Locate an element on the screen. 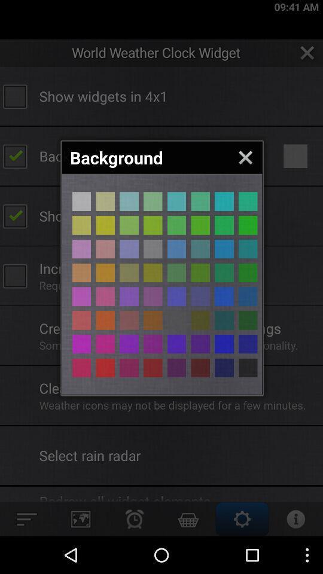 Image resolution: width=323 pixels, height=574 pixels. color button is located at coordinates (176, 201).